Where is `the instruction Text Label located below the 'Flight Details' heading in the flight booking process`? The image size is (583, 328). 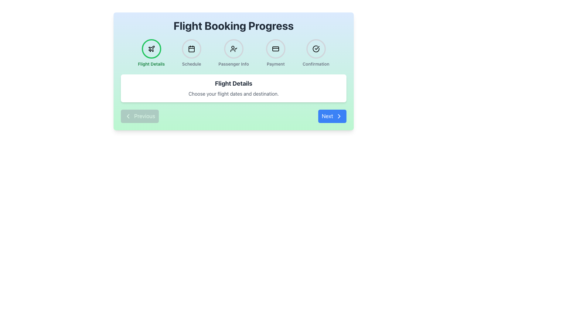 the instruction Text Label located below the 'Flight Details' heading in the flight booking process is located at coordinates (233, 94).